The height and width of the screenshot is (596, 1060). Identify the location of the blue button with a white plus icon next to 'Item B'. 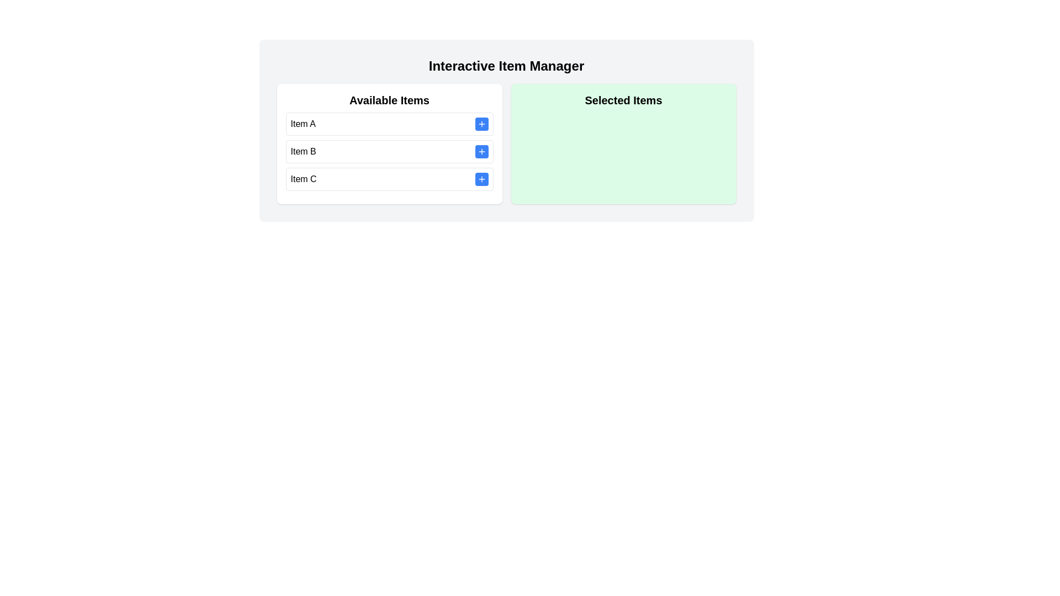
(481, 151).